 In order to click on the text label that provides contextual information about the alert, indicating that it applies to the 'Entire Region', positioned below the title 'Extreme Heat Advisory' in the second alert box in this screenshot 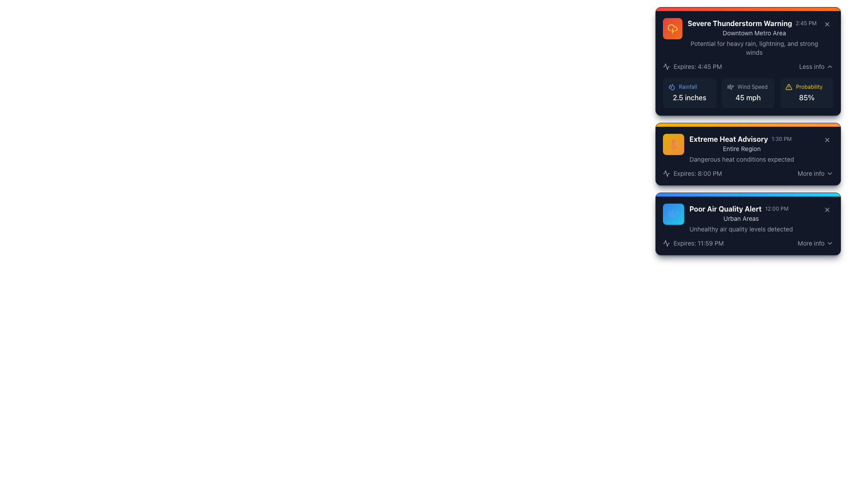, I will do `click(742, 148)`.